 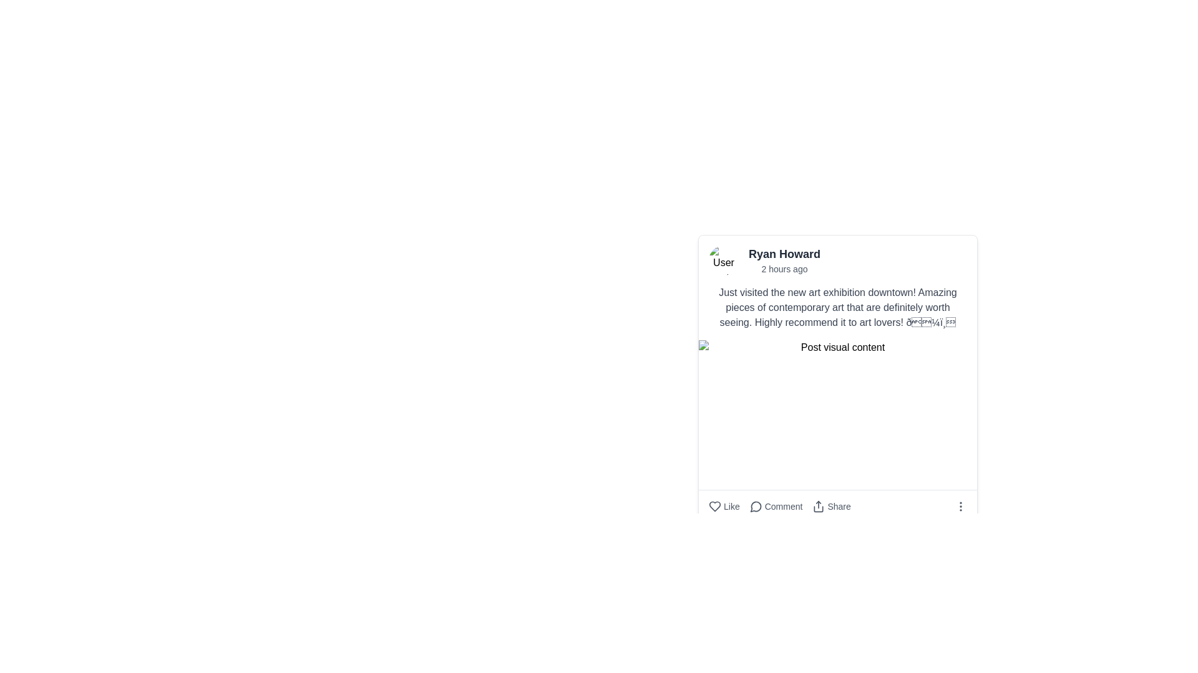 What do you see at coordinates (960, 507) in the screenshot?
I see `the vertical ellipsis icon button, which consists of three vertically aligned dots and is located at the far-right end of the toolbar below the post content` at bounding box center [960, 507].